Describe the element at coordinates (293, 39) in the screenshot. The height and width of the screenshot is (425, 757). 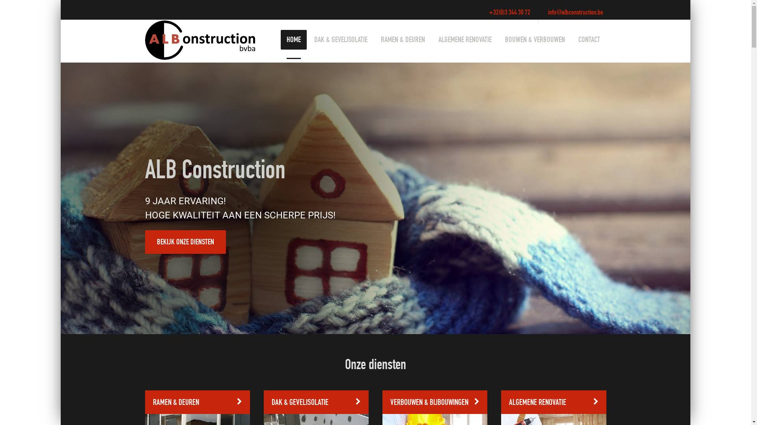
I see `'HOME'` at that location.